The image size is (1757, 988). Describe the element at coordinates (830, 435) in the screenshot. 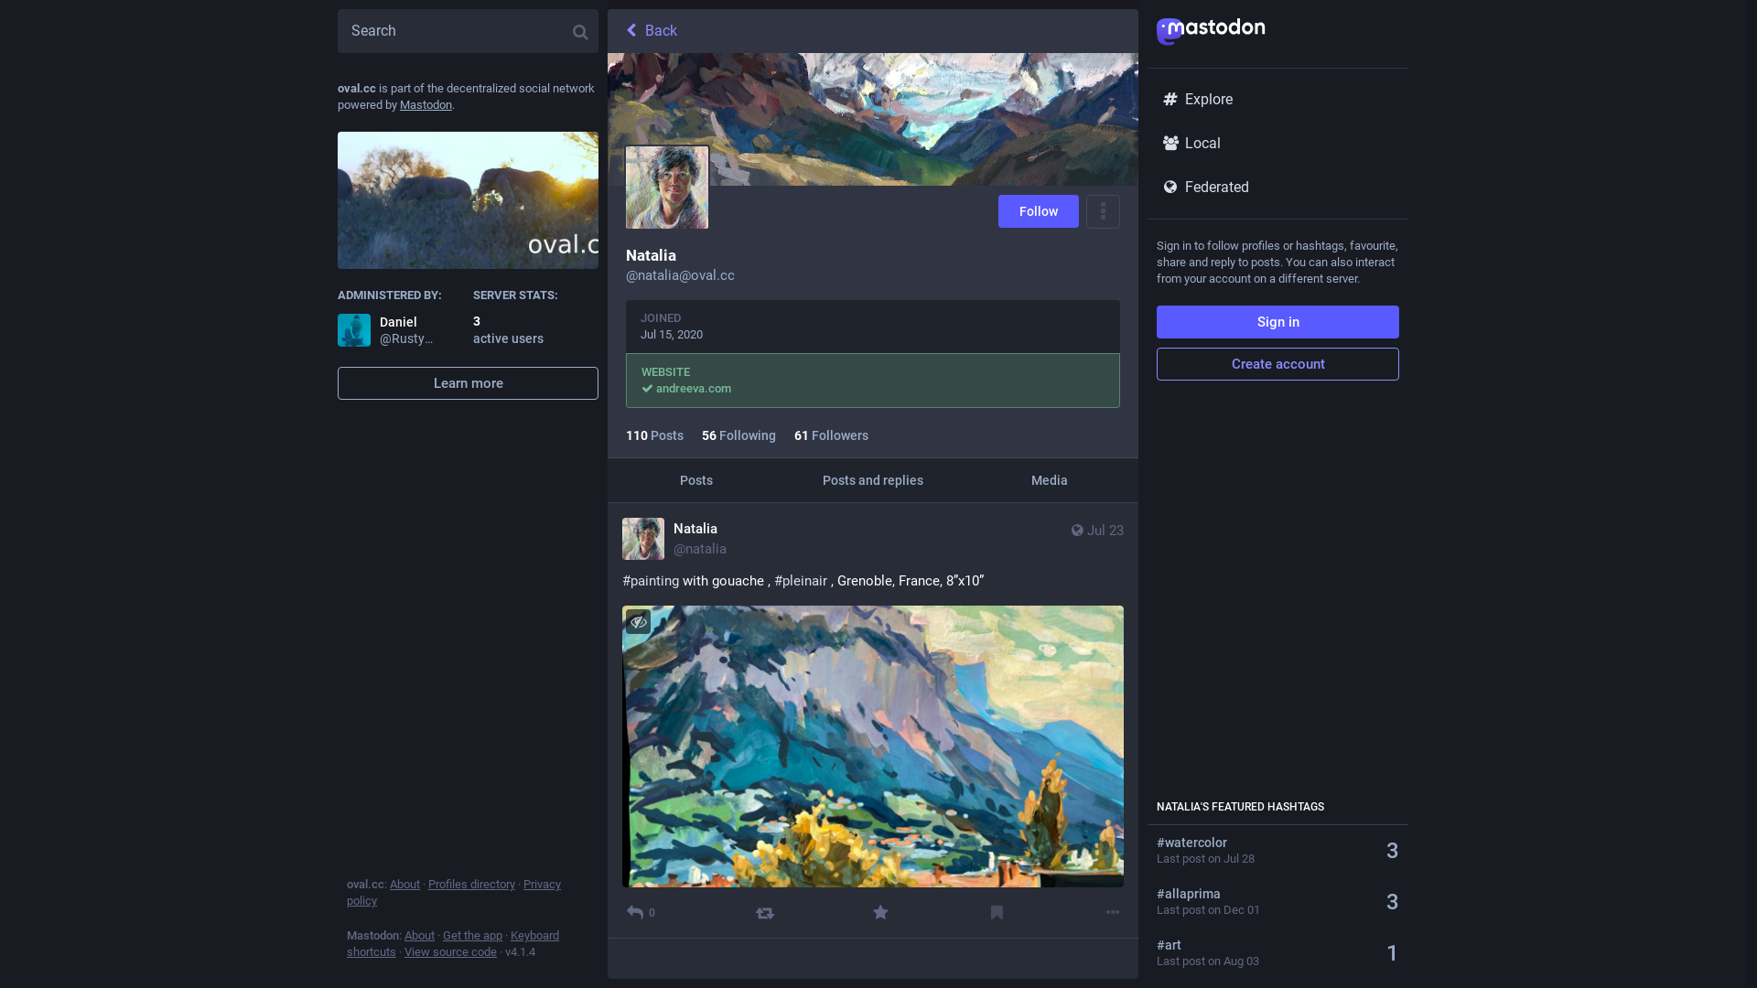

I see `'61 Followers'` at that location.